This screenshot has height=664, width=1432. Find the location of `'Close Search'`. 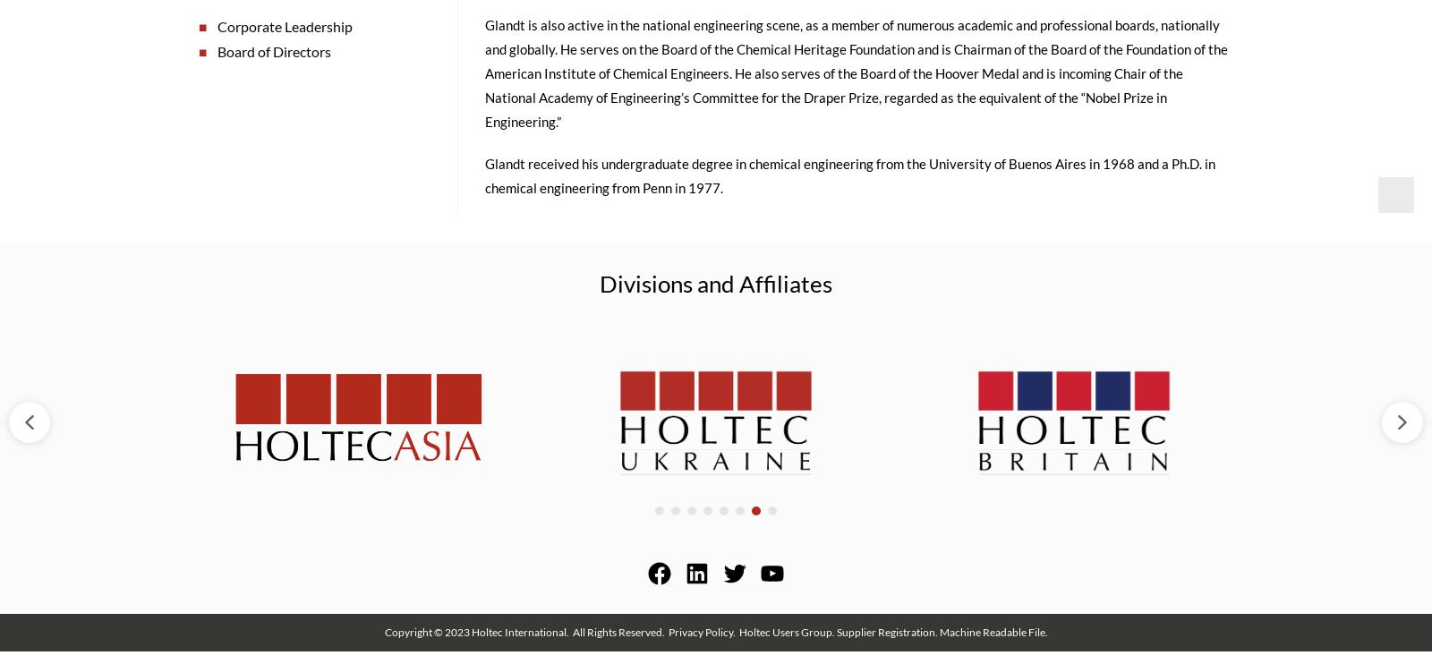

'Close Search' is located at coordinates (1360, 160).